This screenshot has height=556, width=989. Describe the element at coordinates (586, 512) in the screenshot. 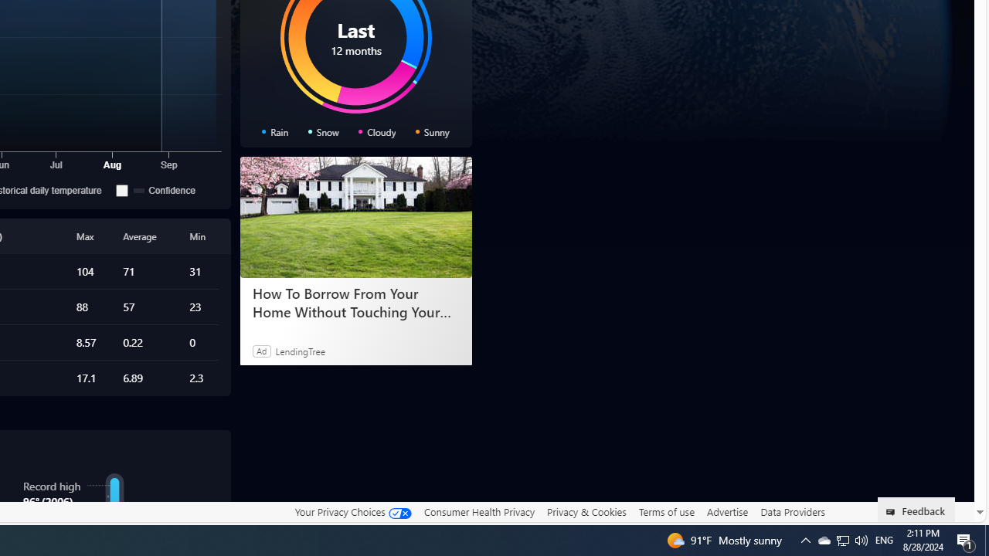

I see `'Privacy & Cookies'` at that location.